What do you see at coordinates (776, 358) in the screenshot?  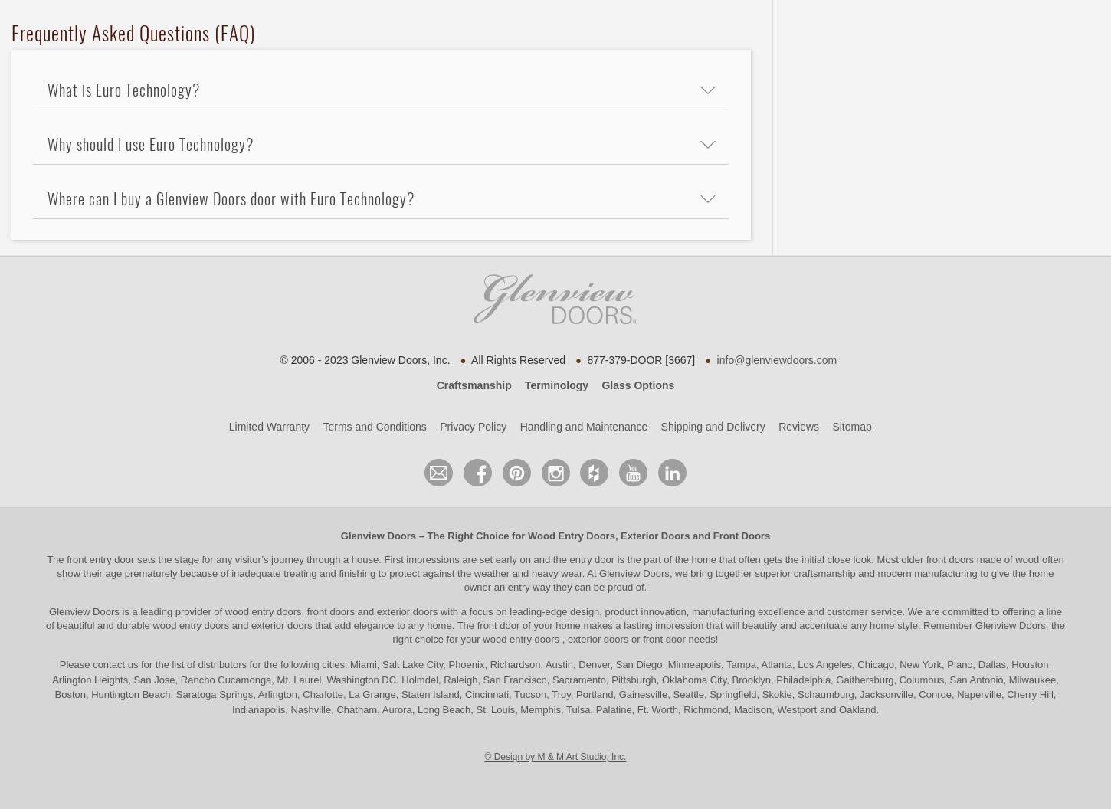 I see `'info@glenviewdoors.com'` at bounding box center [776, 358].